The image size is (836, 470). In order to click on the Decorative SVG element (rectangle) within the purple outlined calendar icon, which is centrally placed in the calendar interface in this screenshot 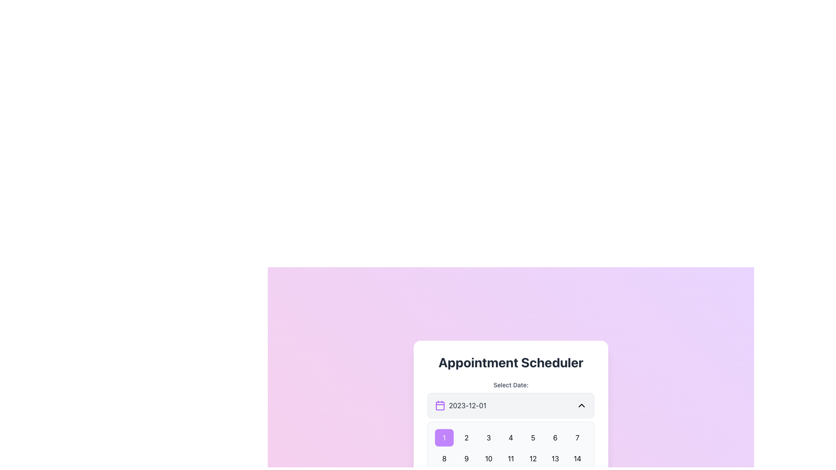, I will do `click(440, 406)`.